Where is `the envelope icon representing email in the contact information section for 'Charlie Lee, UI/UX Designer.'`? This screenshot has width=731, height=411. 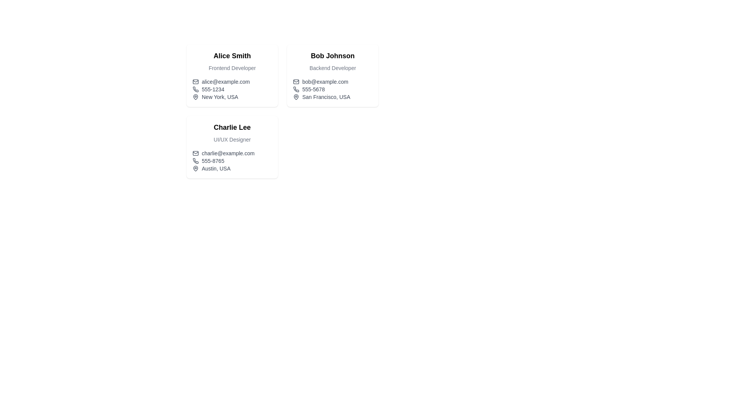
the envelope icon representing email in the contact information section for 'Charlie Lee, UI/UX Designer.' is located at coordinates (195, 153).